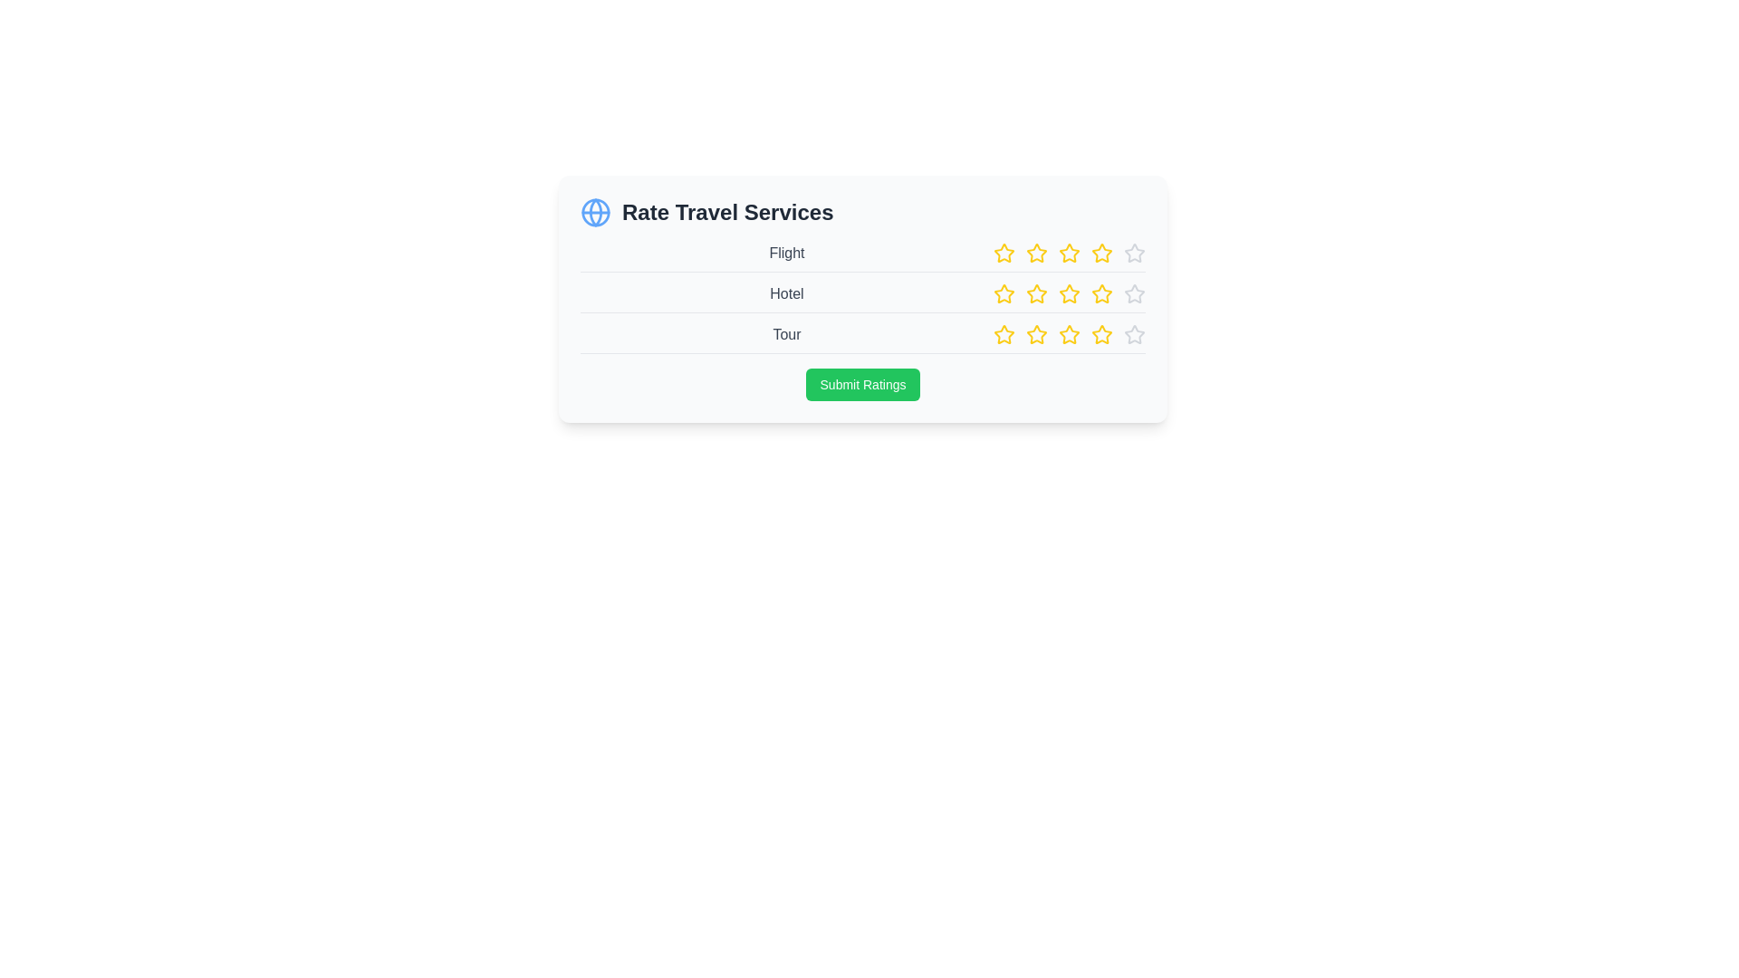  Describe the element at coordinates (595, 212) in the screenshot. I see `the middle curved line of the globe-like icon, which is styled with a blue stroke, located to the left of the 'Rate Travel Services' heading` at that location.